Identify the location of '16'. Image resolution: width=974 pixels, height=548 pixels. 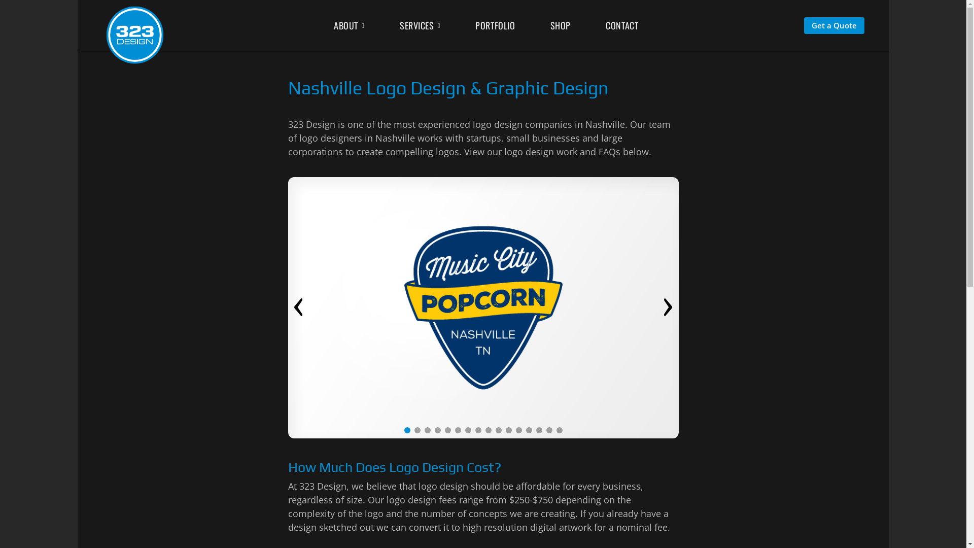
(559, 430).